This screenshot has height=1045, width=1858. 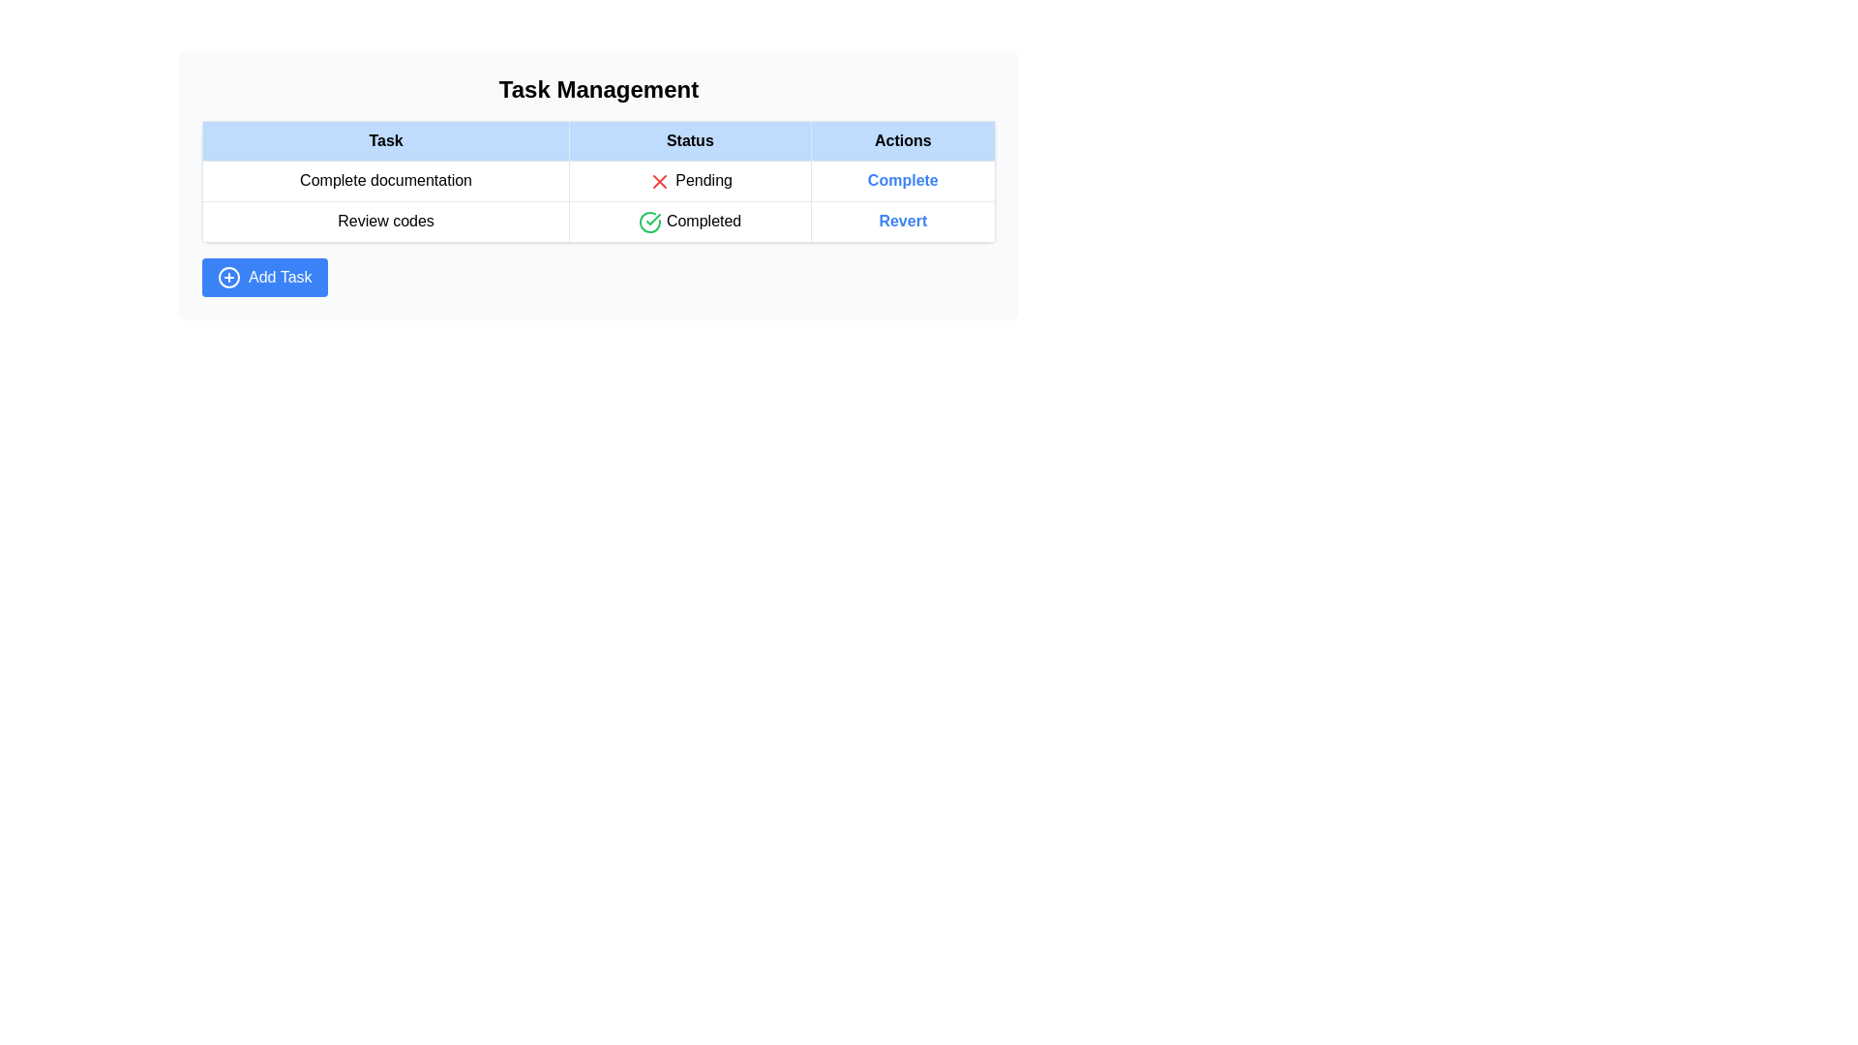 I want to click on the hyperlink in the Actions column of the task management table to initiate the revert action for the task labeled 'Review codes', so click(x=902, y=221).